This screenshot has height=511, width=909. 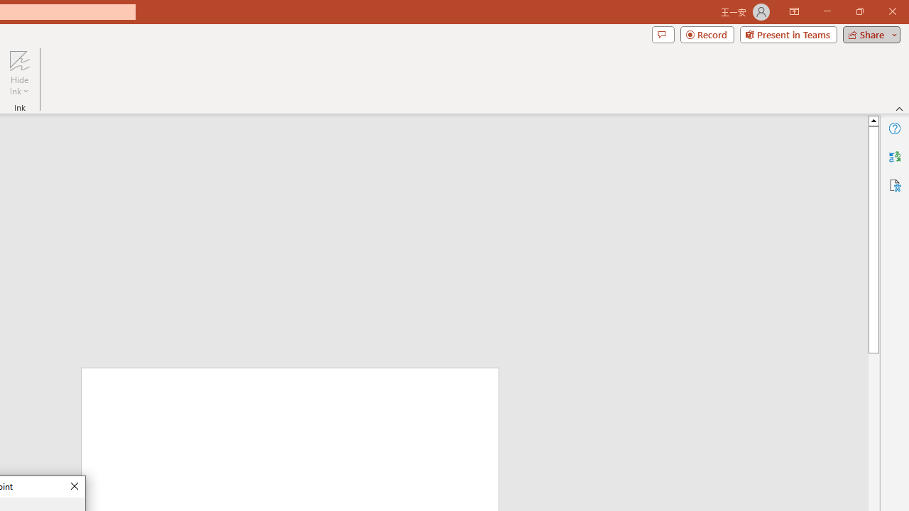 What do you see at coordinates (19, 60) in the screenshot?
I see `'Hide Ink'` at bounding box center [19, 60].